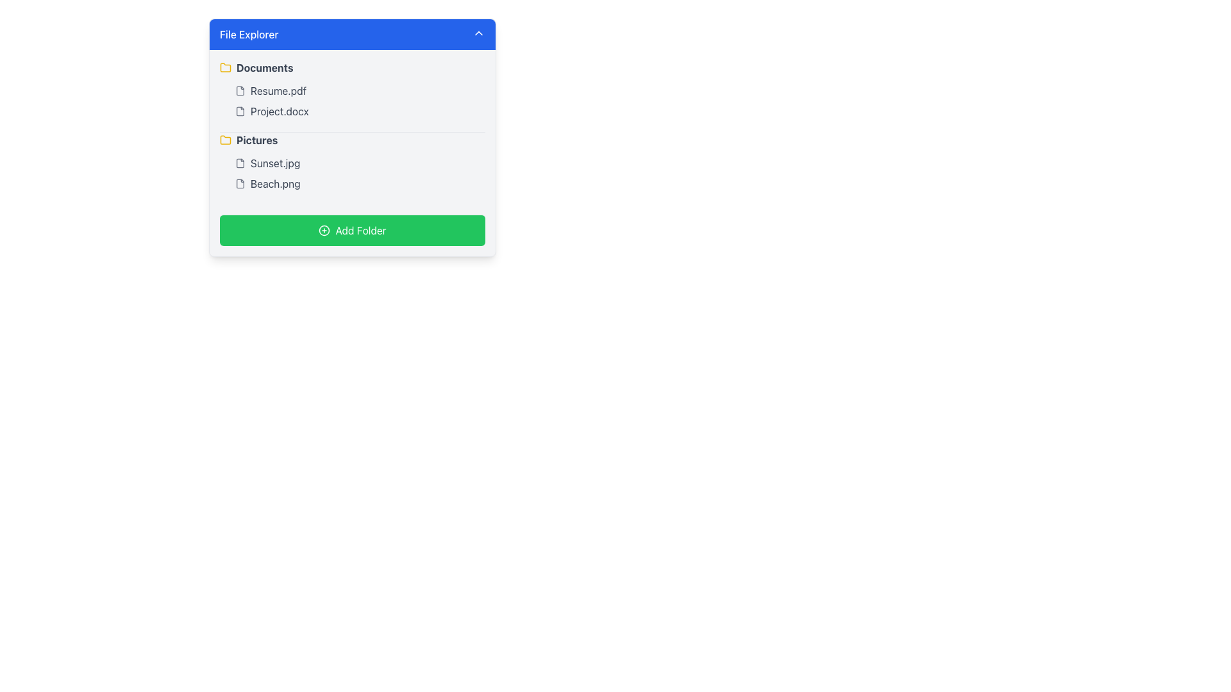 Image resolution: width=1231 pixels, height=692 pixels. What do you see at coordinates (353, 101) in the screenshot?
I see `the file list item group representing 'Resume.pdf' and 'Project.docx' under the 'Documents' section in the File Explorer interface` at bounding box center [353, 101].